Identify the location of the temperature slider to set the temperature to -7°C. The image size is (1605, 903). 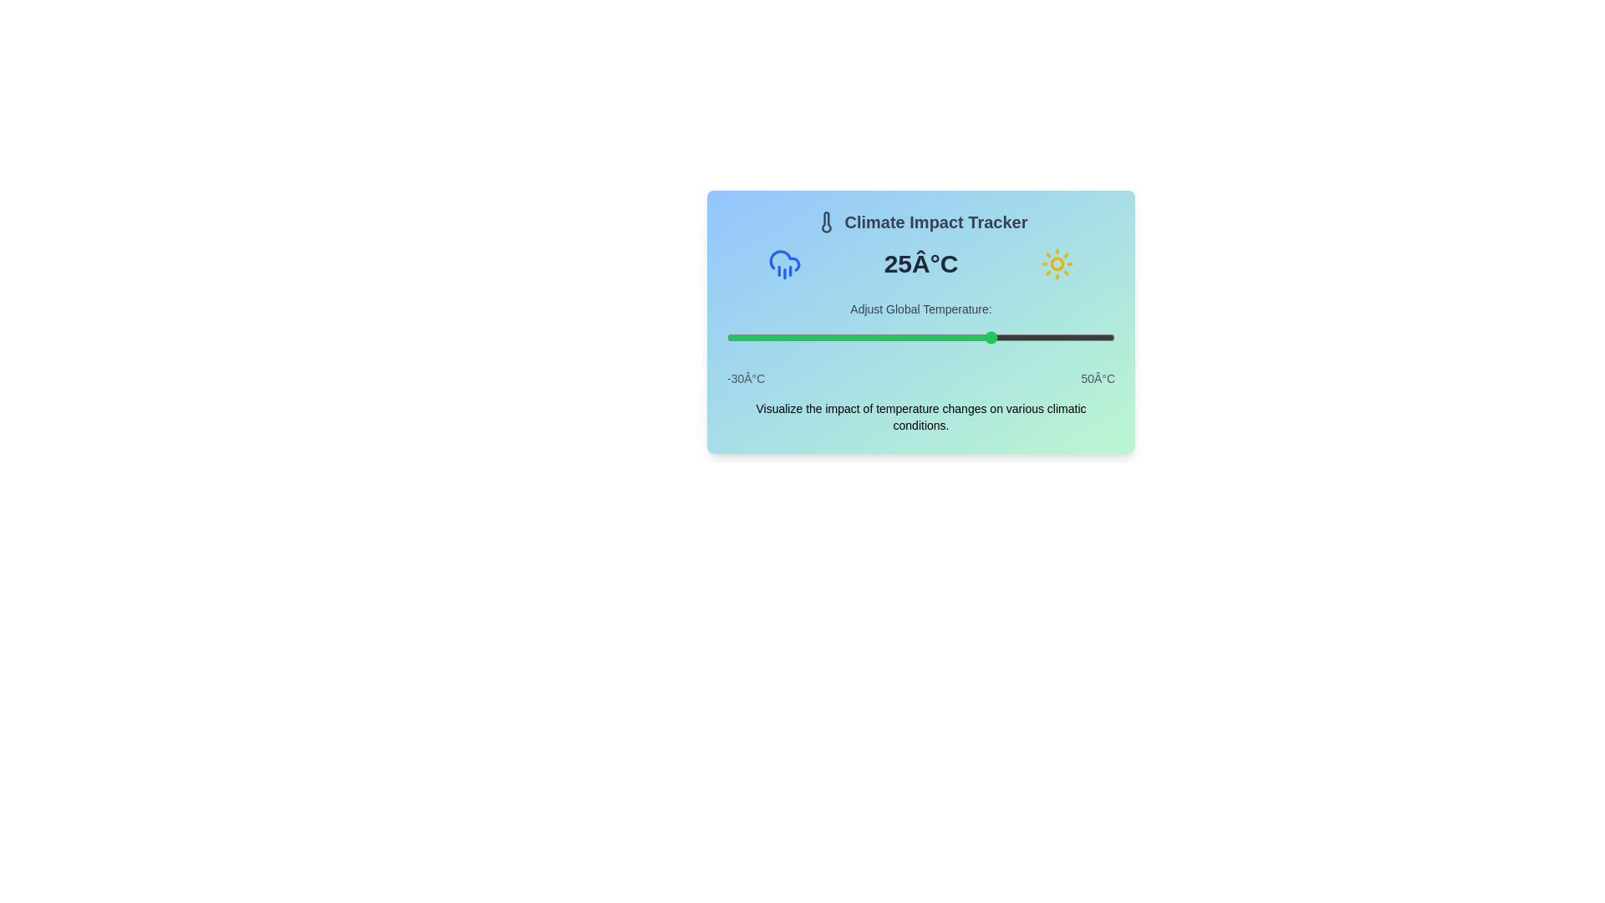
(838, 338).